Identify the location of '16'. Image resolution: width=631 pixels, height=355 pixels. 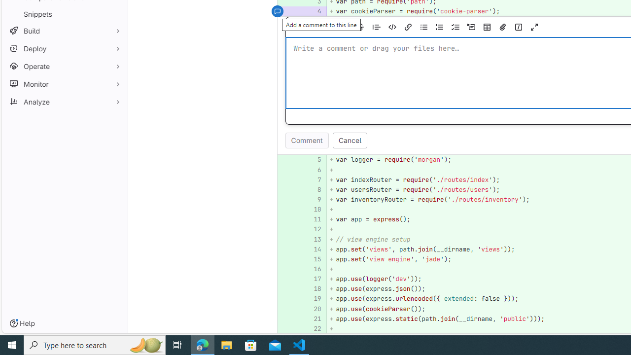
(312, 269).